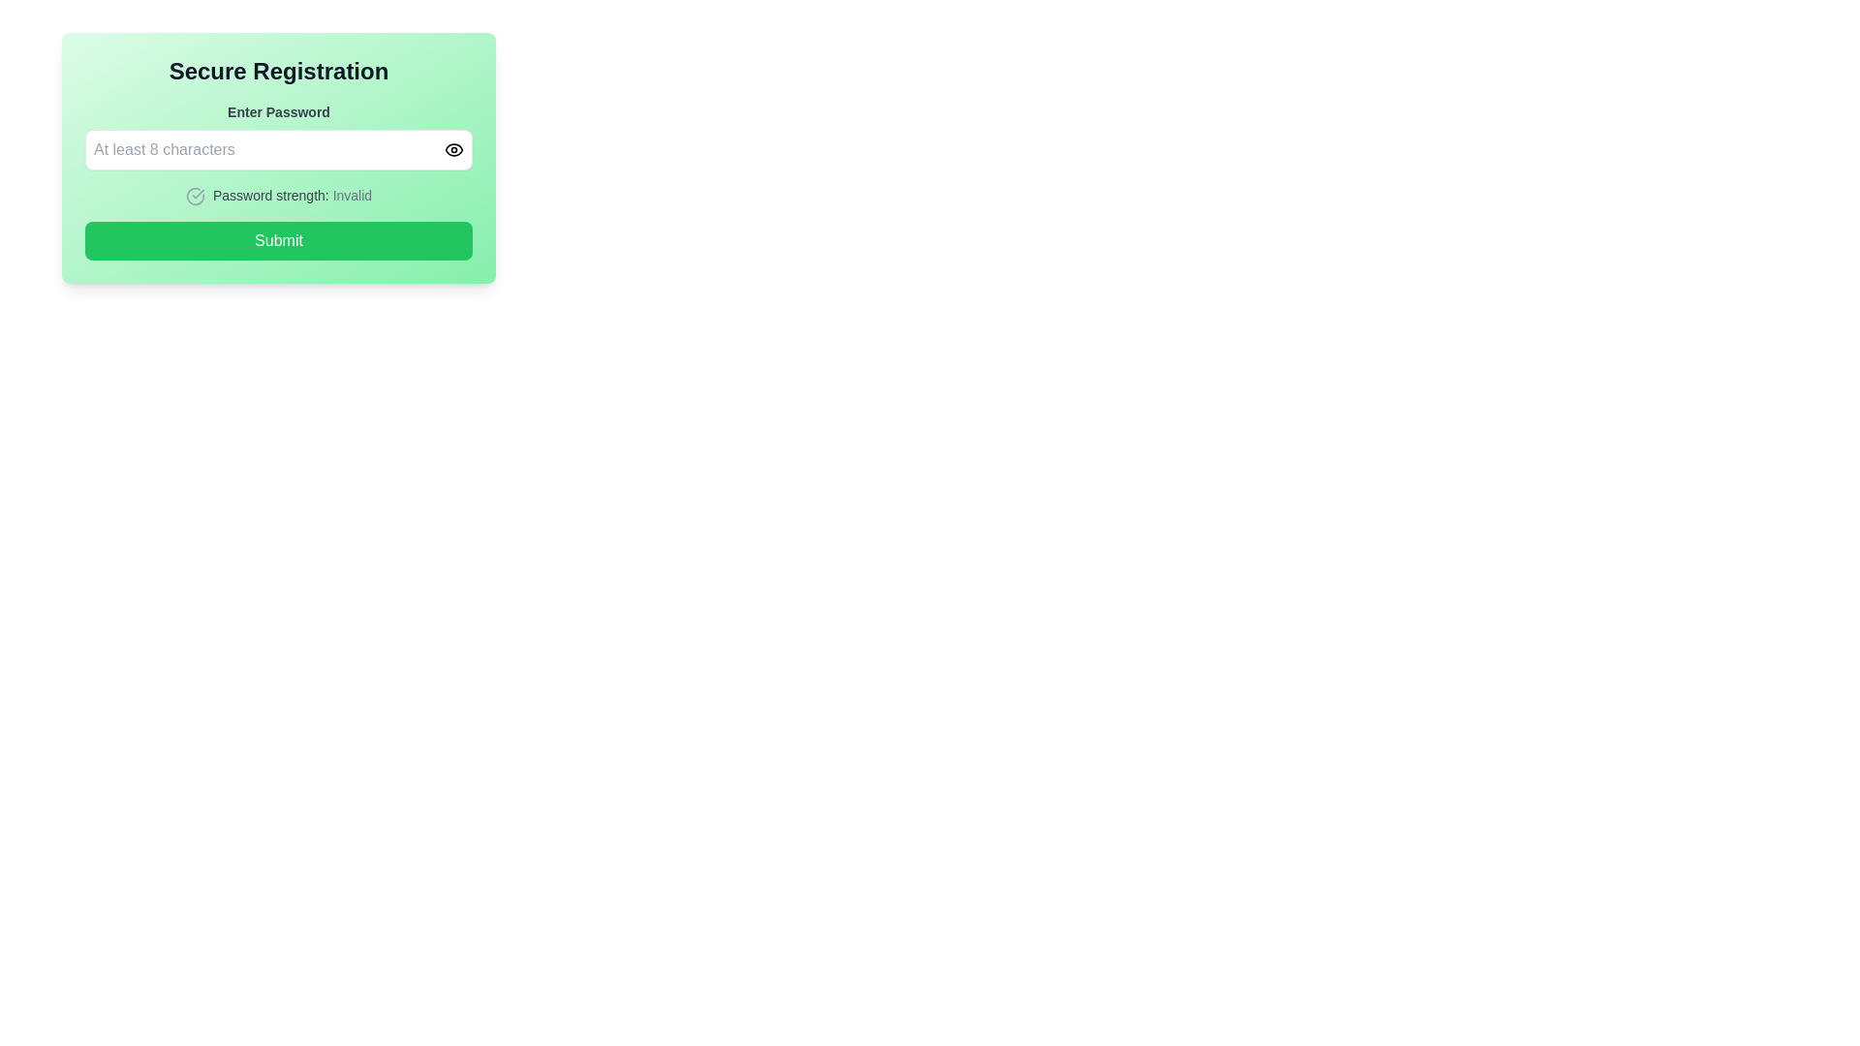  What do you see at coordinates (453, 148) in the screenshot?
I see `the eye icon button located to the right of the password input field` at bounding box center [453, 148].